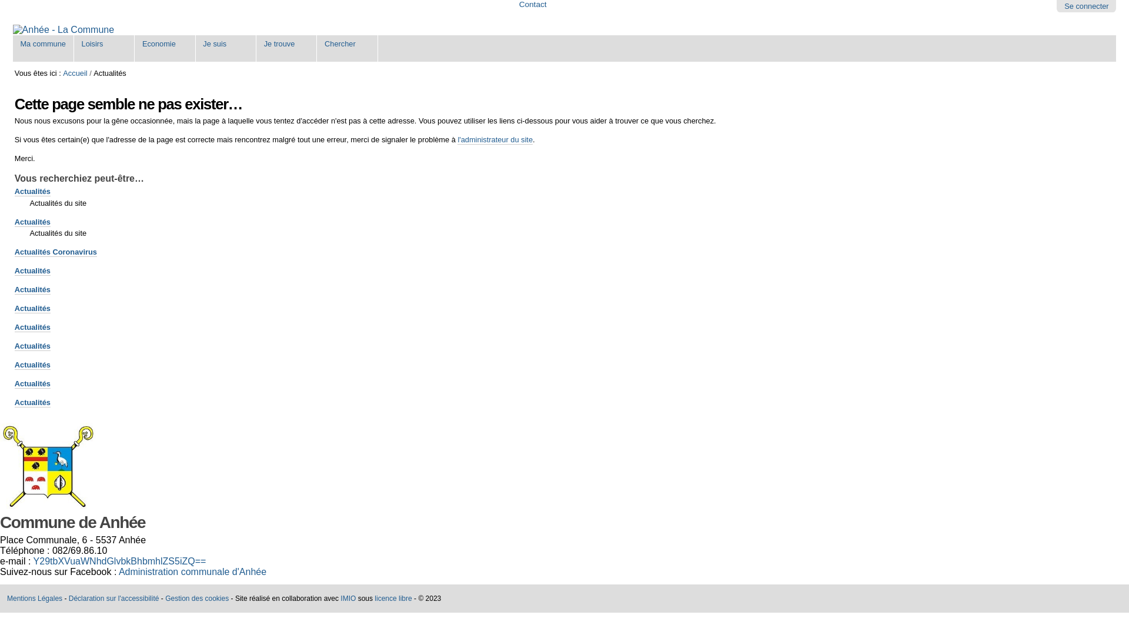 The width and height of the screenshot is (1129, 635). I want to click on 'Je trouve', so click(286, 47).